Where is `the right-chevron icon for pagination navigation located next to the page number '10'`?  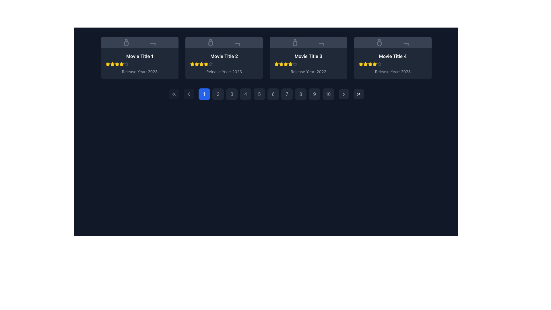
the right-chevron icon for pagination navigation located next to the page number '10' is located at coordinates (344, 94).